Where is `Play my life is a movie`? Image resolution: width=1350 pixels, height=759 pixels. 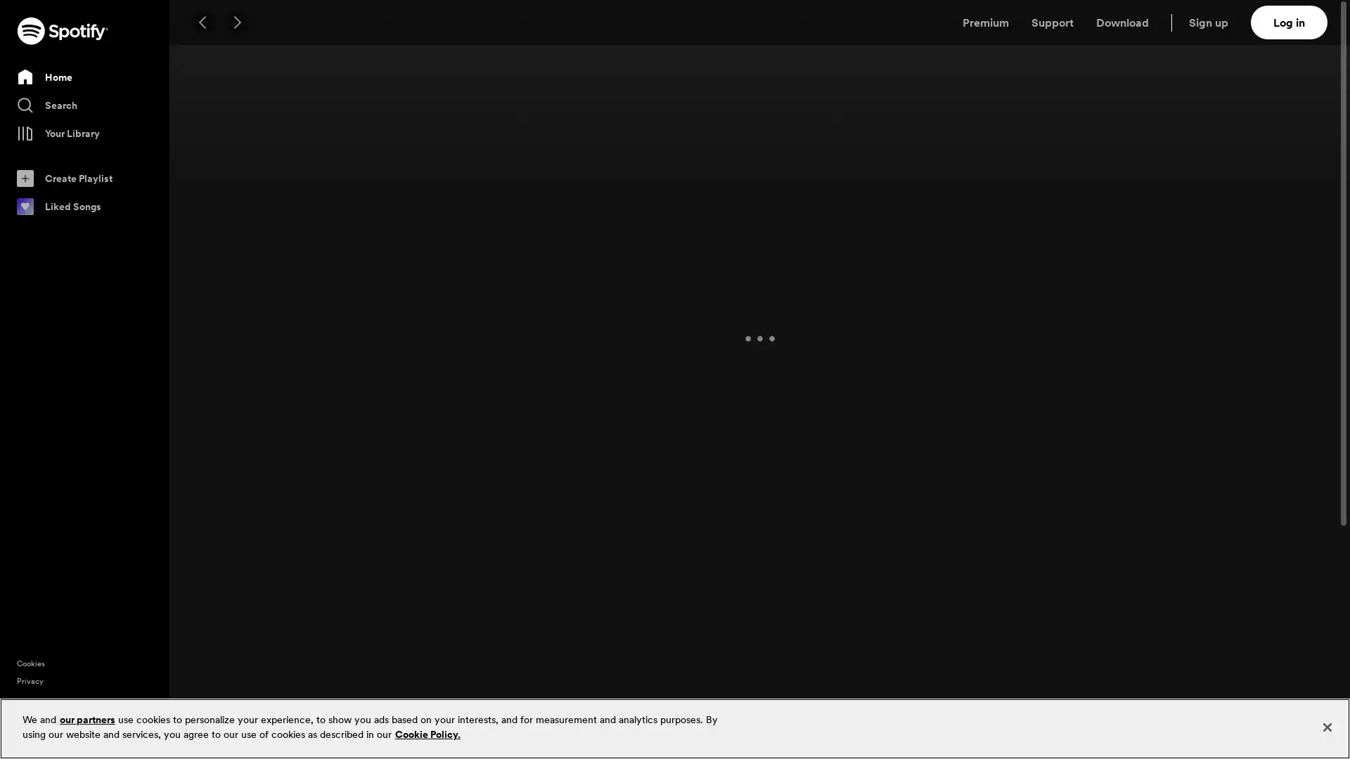
Play my life is a movie is located at coordinates (860, 706).